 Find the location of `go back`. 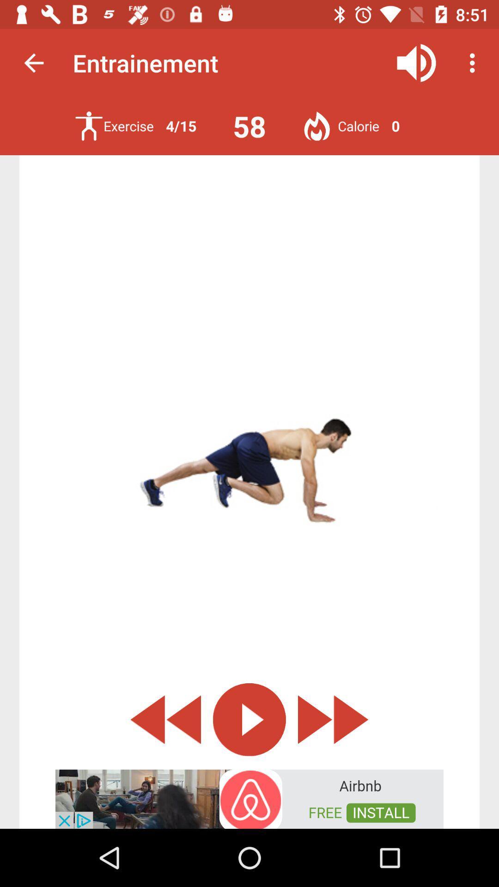

go back is located at coordinates (165, 719).